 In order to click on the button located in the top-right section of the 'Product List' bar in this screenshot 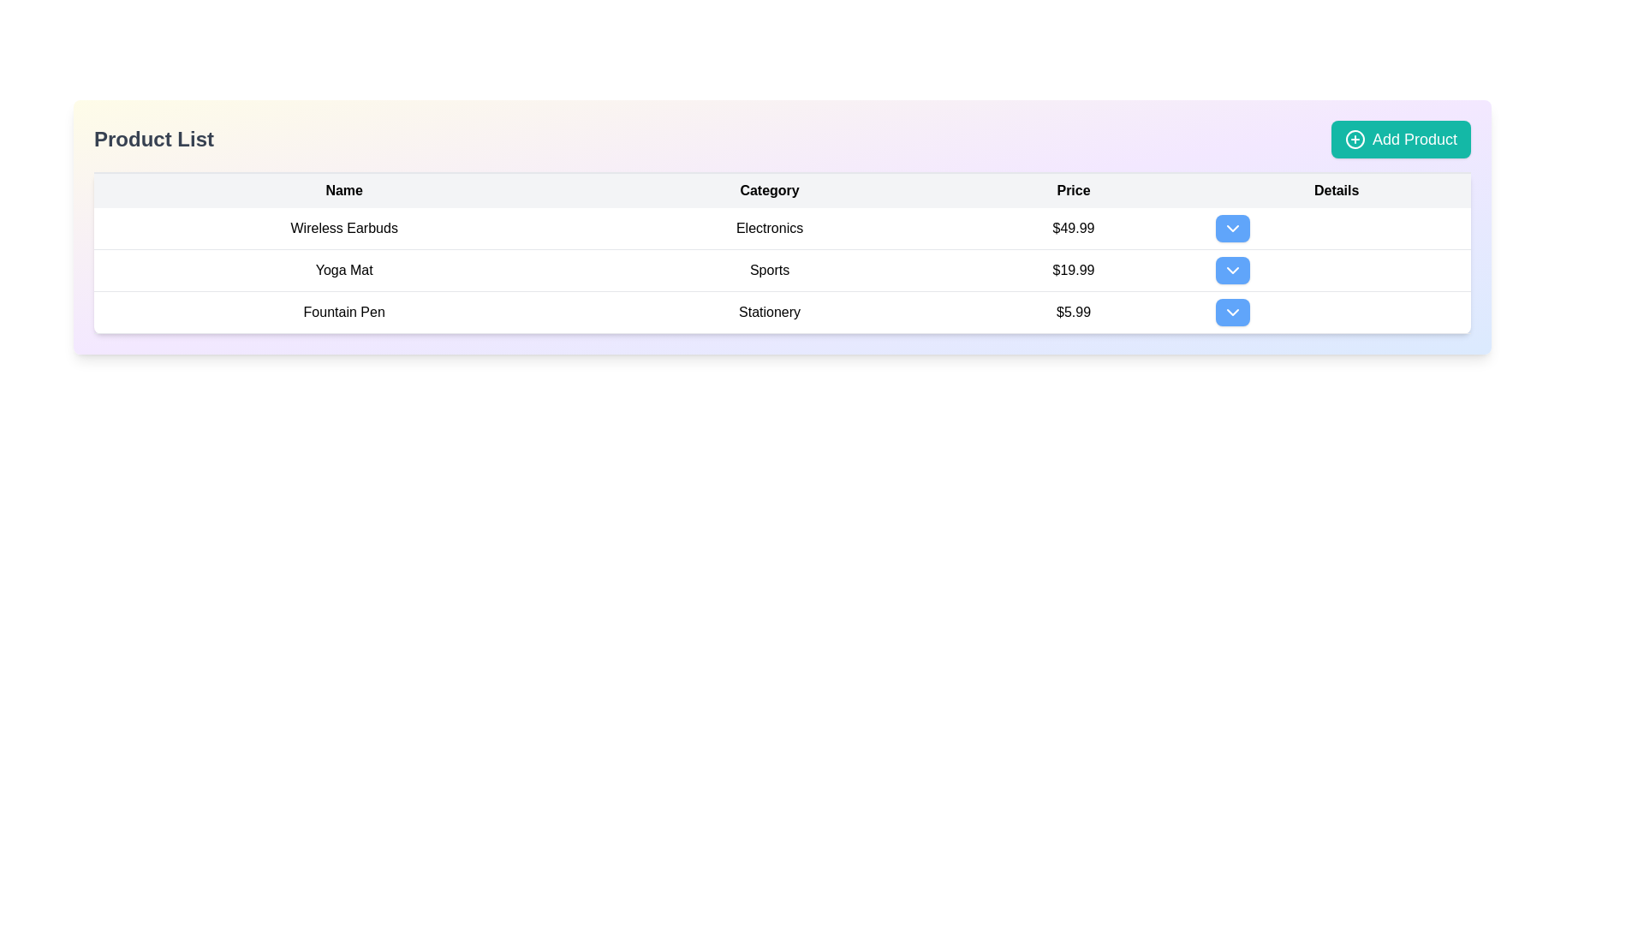, I will do `click(1401, 138)`.